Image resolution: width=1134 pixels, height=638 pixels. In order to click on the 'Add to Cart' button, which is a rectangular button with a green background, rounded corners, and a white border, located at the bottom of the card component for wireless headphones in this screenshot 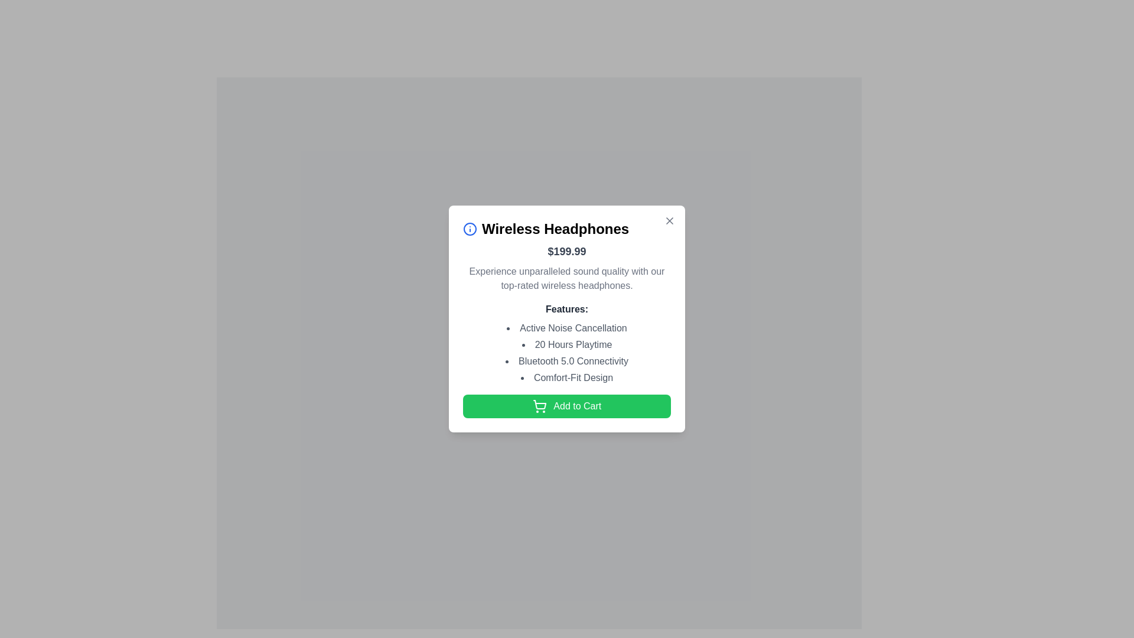, I will do `click(567, 405)`.